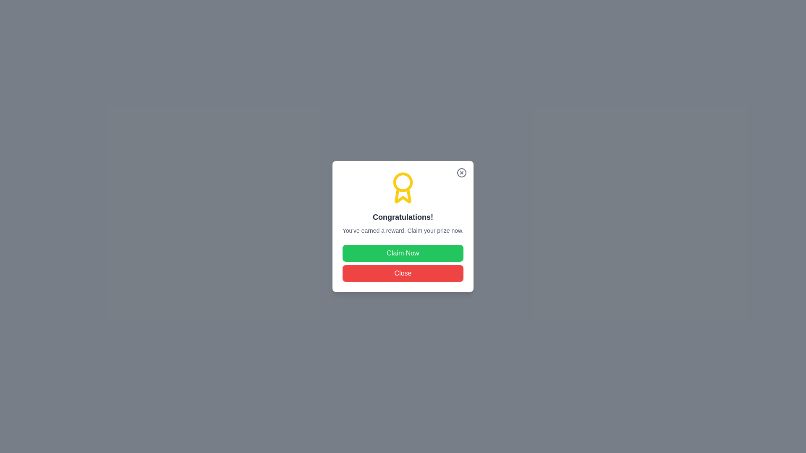 The width and height of the screenshot is (806, 453). I want to click on the Claim Now button, so click(403, 253).